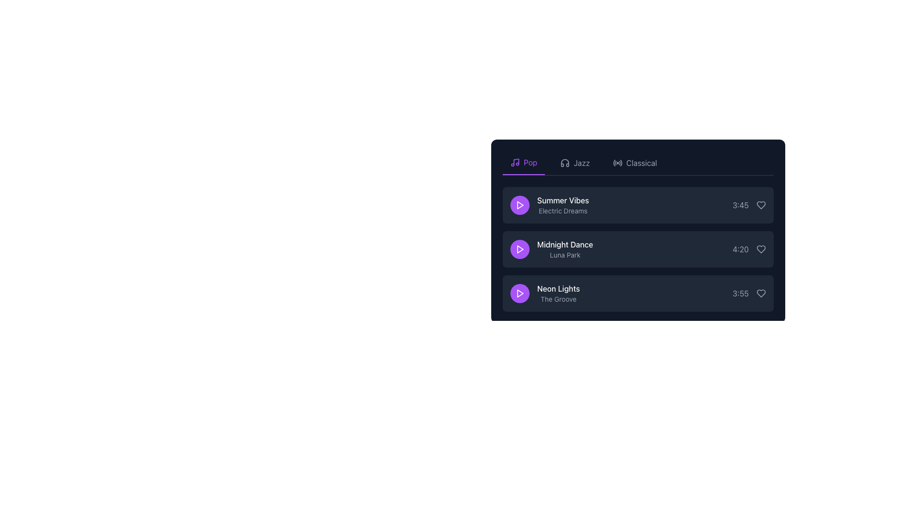  Describe the element at coordinates (638, 249) in the screenshot. I see `an item in the vertical list of music tracks, which is styled in a dark-themed rectangular card layout` at that location.